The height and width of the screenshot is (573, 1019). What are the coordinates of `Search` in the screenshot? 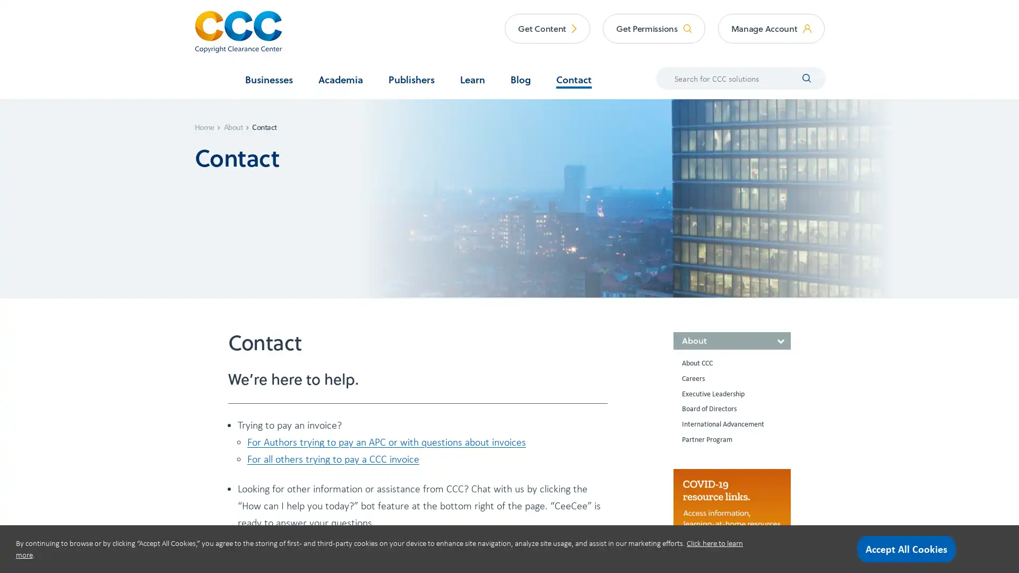 It's located at (799, 77).